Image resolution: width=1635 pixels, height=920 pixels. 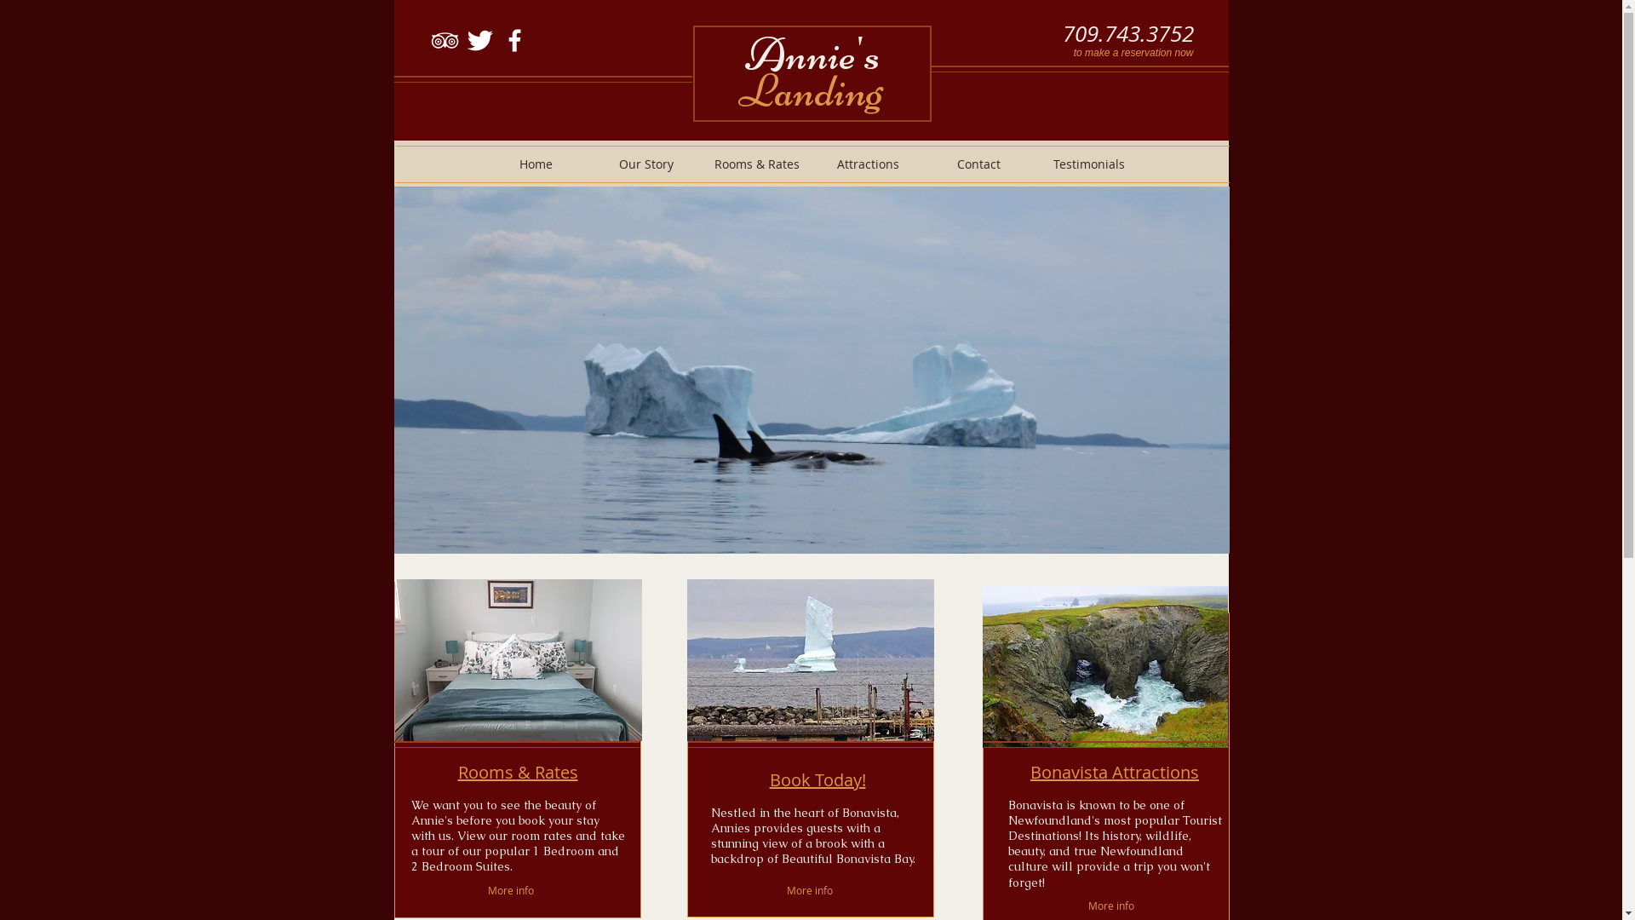 I want to click on 'Contact', so click(x=922, y=164).